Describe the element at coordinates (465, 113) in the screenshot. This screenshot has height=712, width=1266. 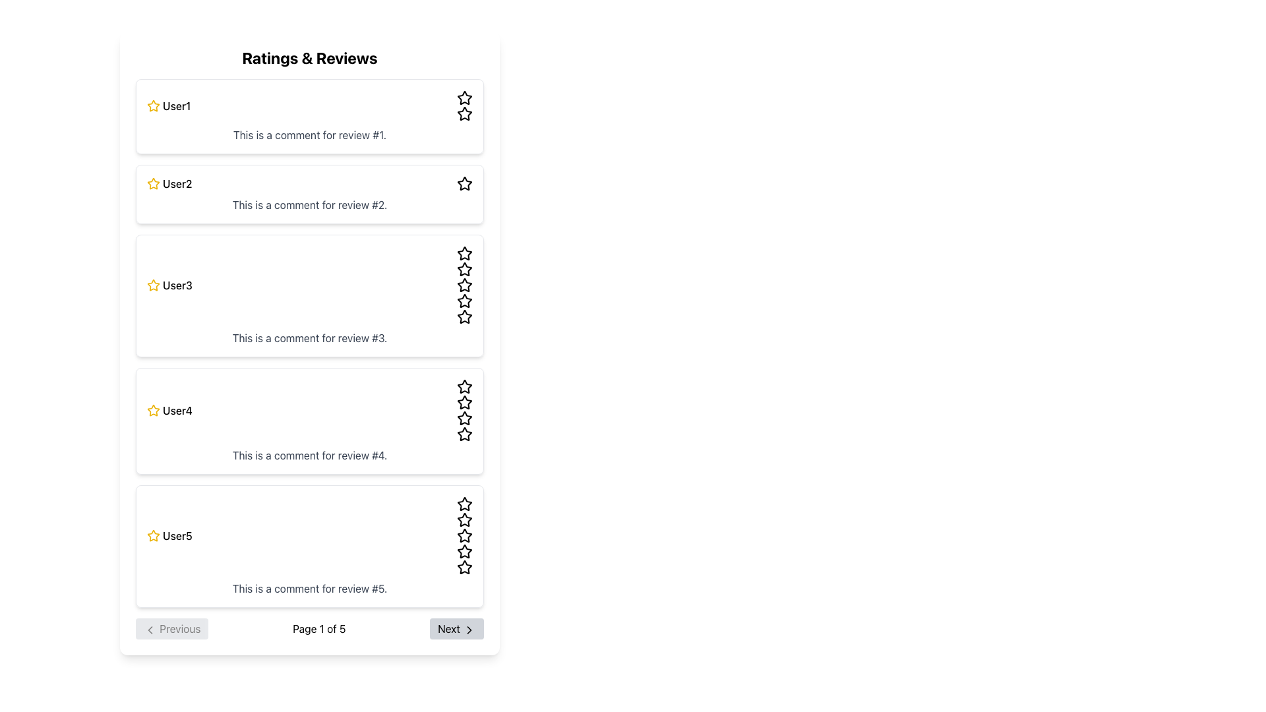
I see `the outline star icon in the top-right corner of User1's card` at that location.